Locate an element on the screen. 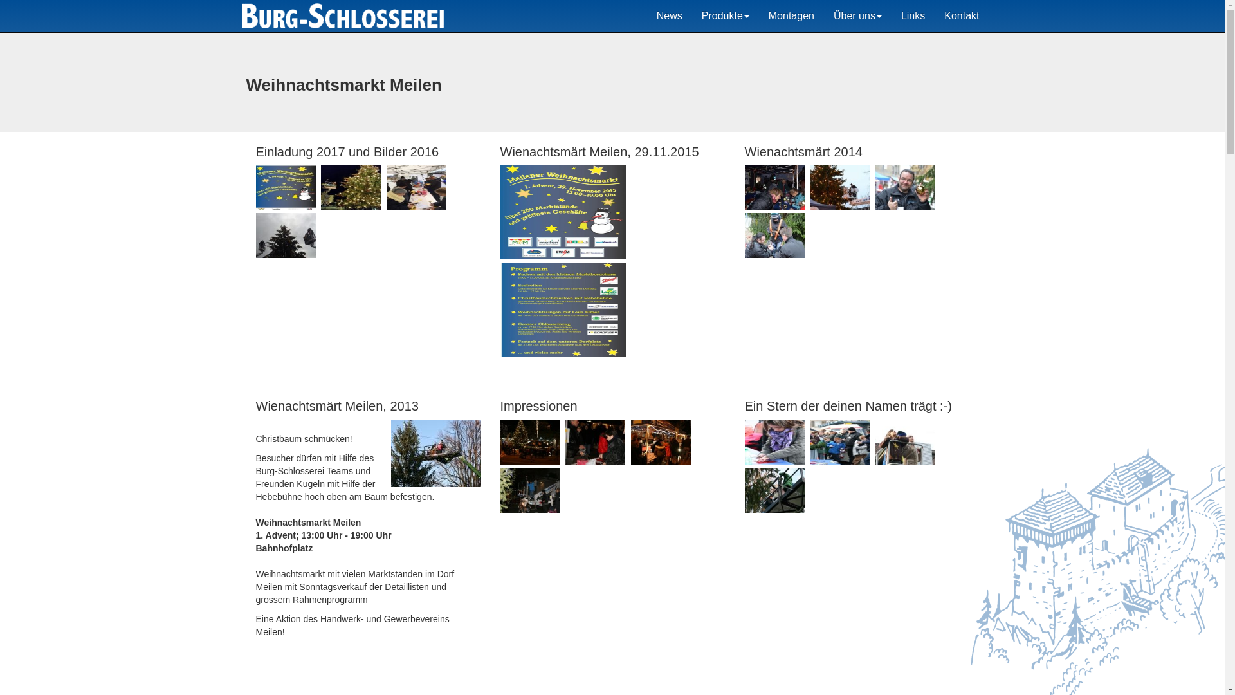 The width and height of the screenshot is (1235, 695). 'Produkte' is located at coordinates (726, 15).